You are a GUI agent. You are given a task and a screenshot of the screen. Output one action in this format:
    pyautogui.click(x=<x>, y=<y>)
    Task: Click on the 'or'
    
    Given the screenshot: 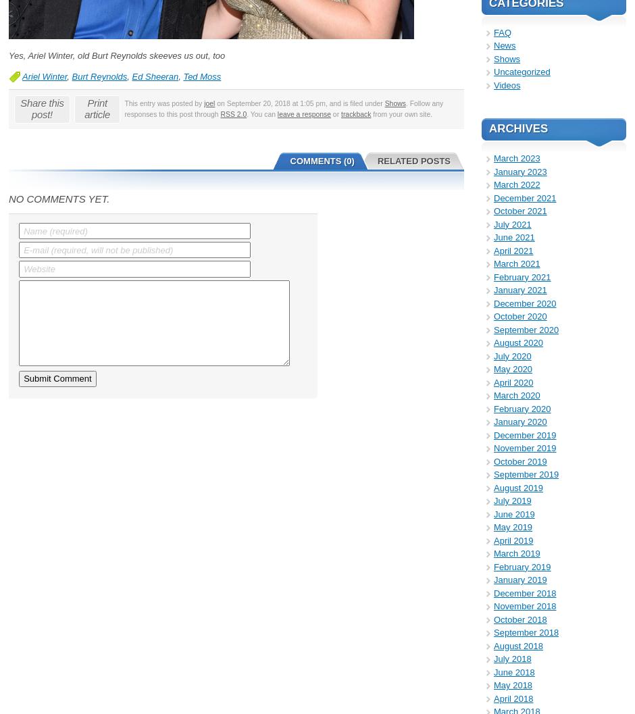 What is the action you would take?
    pyautogui.click(x=335, y=113)
    